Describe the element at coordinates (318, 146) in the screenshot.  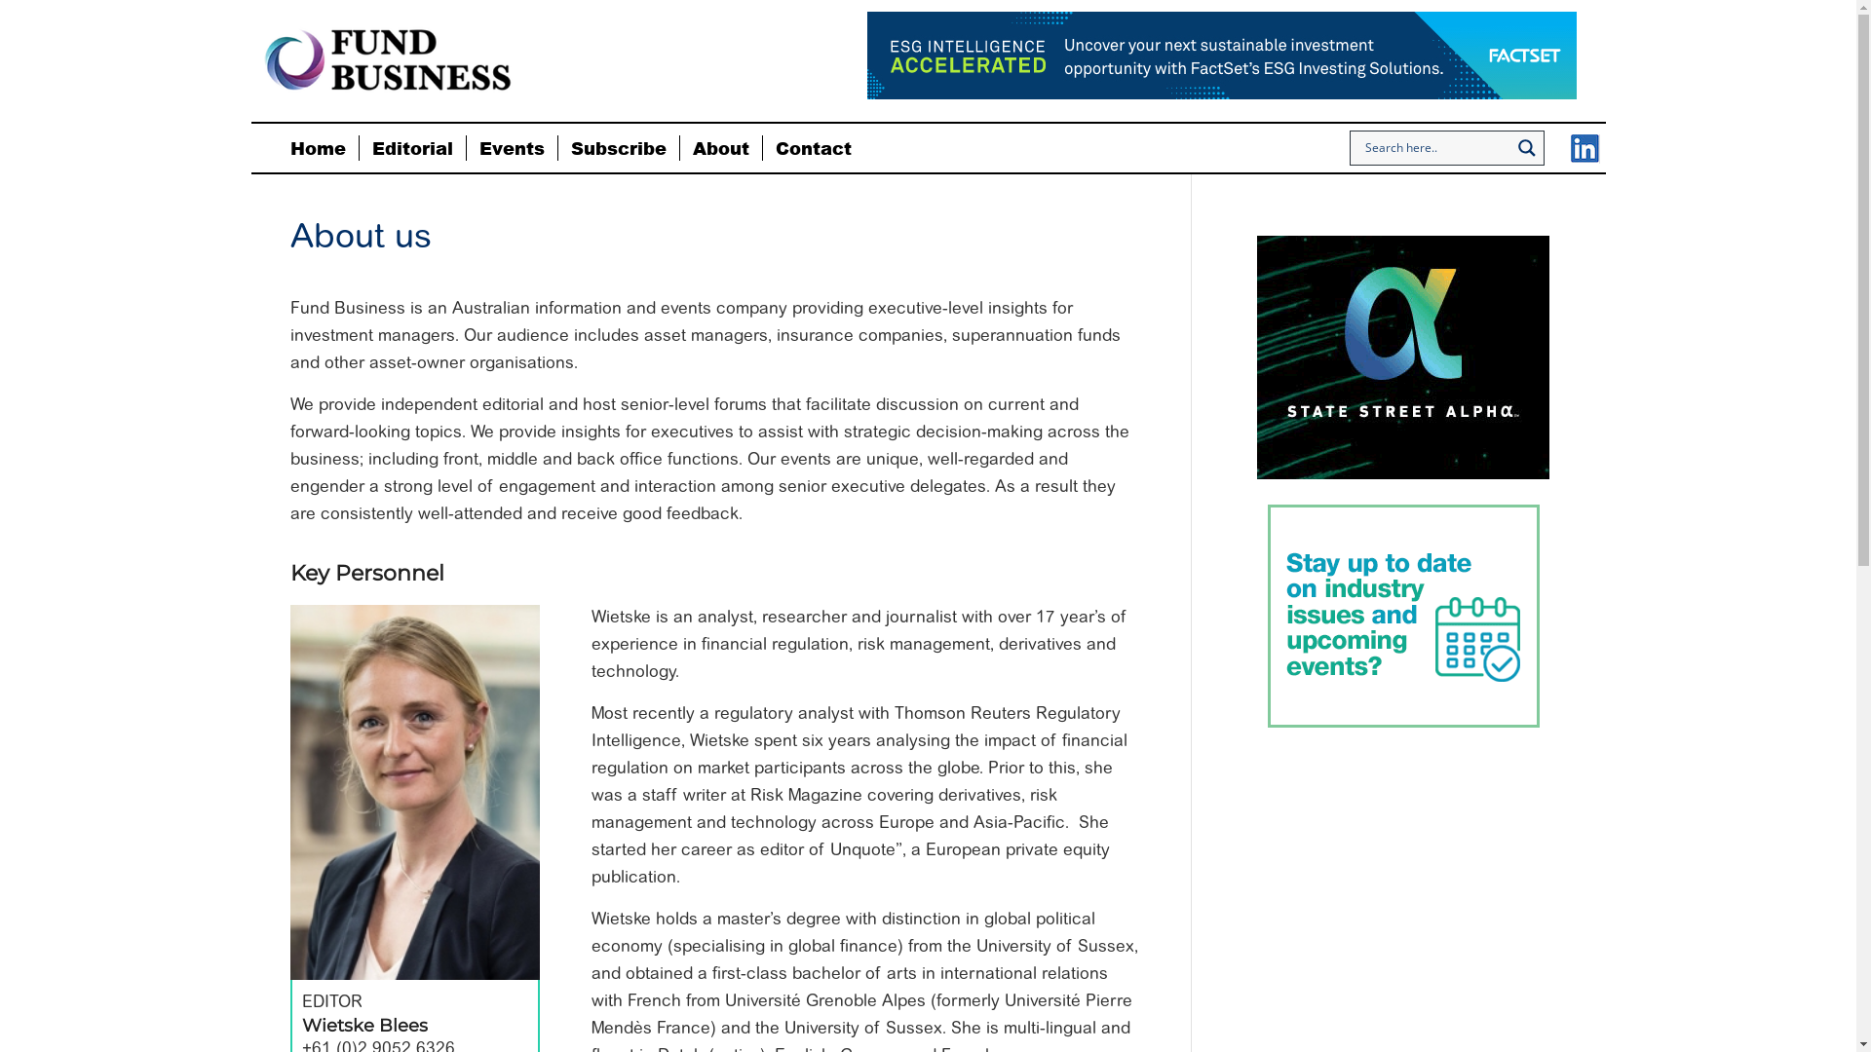
I see `'Home'` at that location.